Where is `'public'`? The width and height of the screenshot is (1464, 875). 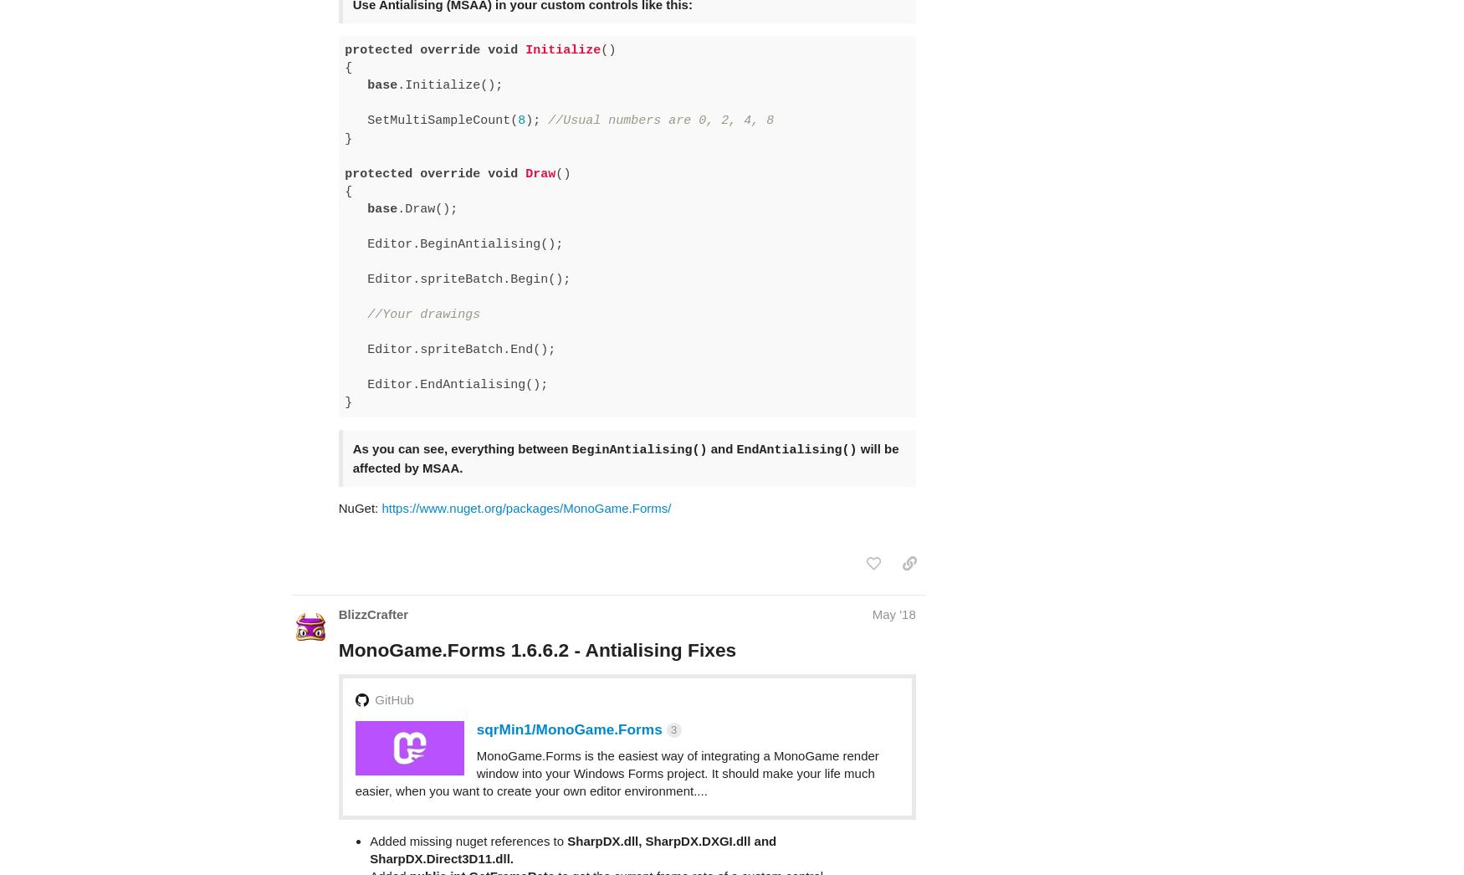 'public' is located at coordinates (738, 827).